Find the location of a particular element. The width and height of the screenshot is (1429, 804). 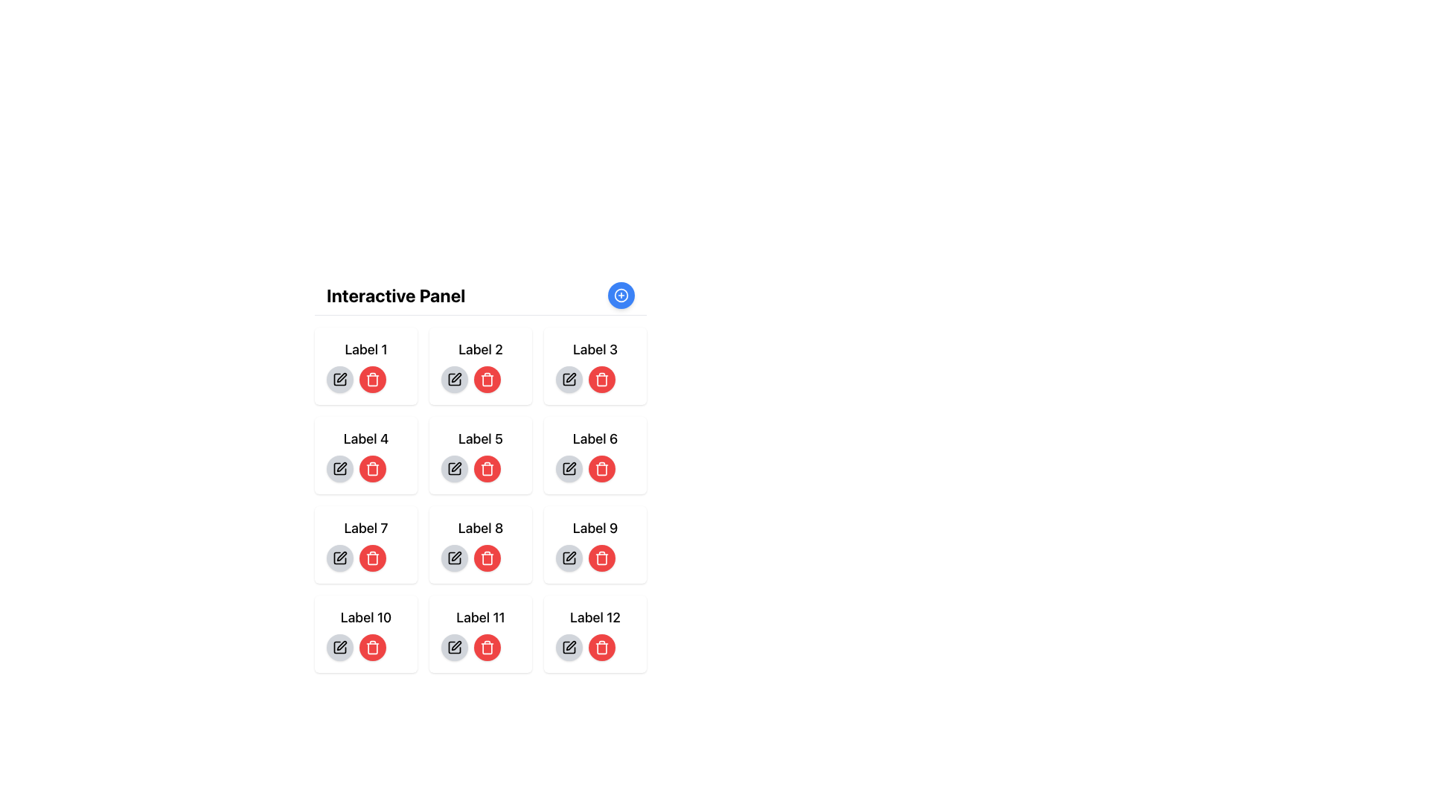

the red delete button with a trash can icon located in the horizontal control group below the text 'Label 1' is located at coordinates (365, 378).